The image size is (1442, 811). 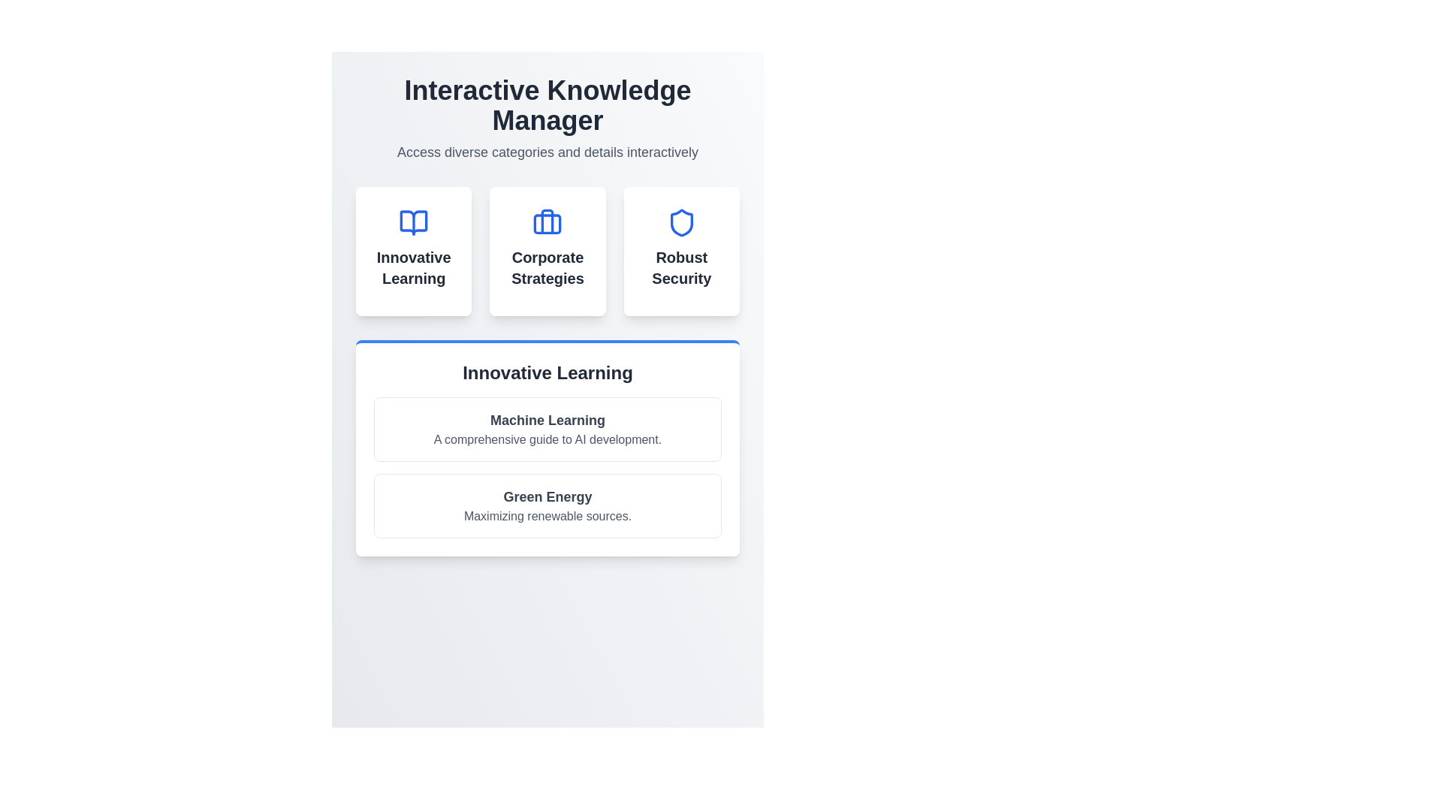 What do you see at coordinates (680, 223) in the screenshot?
I see `the security icon located in the top-right corner of the 'Robust Security' card` at bounding box center [680, 223].